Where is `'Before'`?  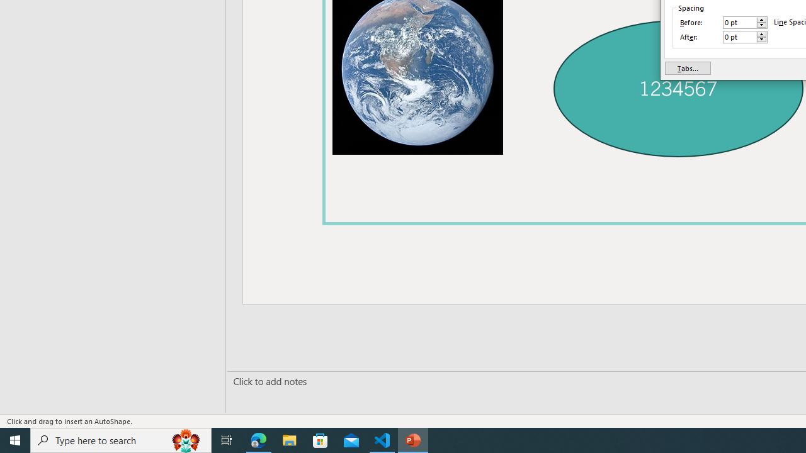 'Before' is located at coordinates (745, 23).